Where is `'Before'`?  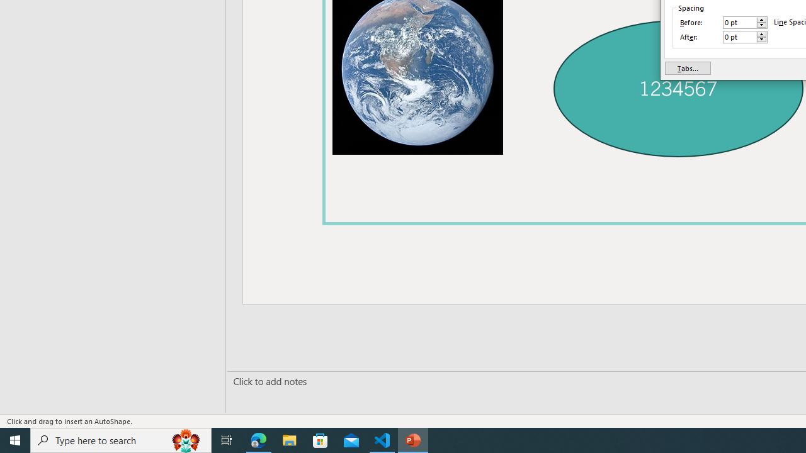 'Before' is located at coordinates (745, 23).